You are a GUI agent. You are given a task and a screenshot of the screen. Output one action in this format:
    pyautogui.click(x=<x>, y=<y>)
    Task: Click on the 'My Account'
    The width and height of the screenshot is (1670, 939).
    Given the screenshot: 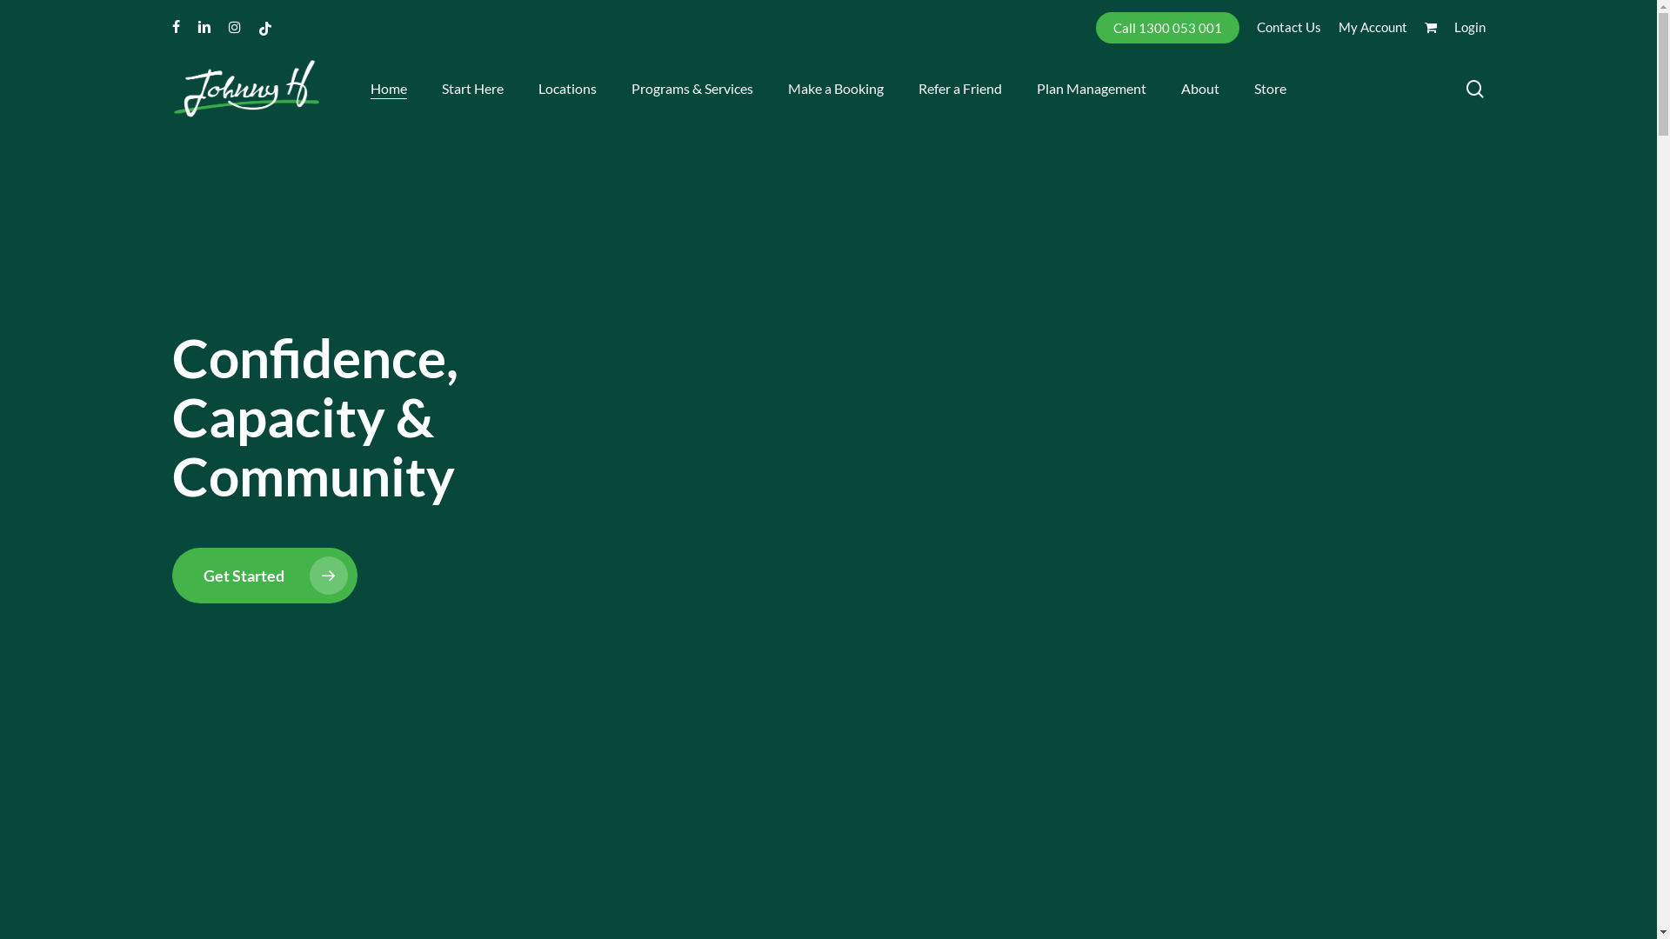 What is the action you would take?
    pyautogui.click(x=1371, y=26)
    